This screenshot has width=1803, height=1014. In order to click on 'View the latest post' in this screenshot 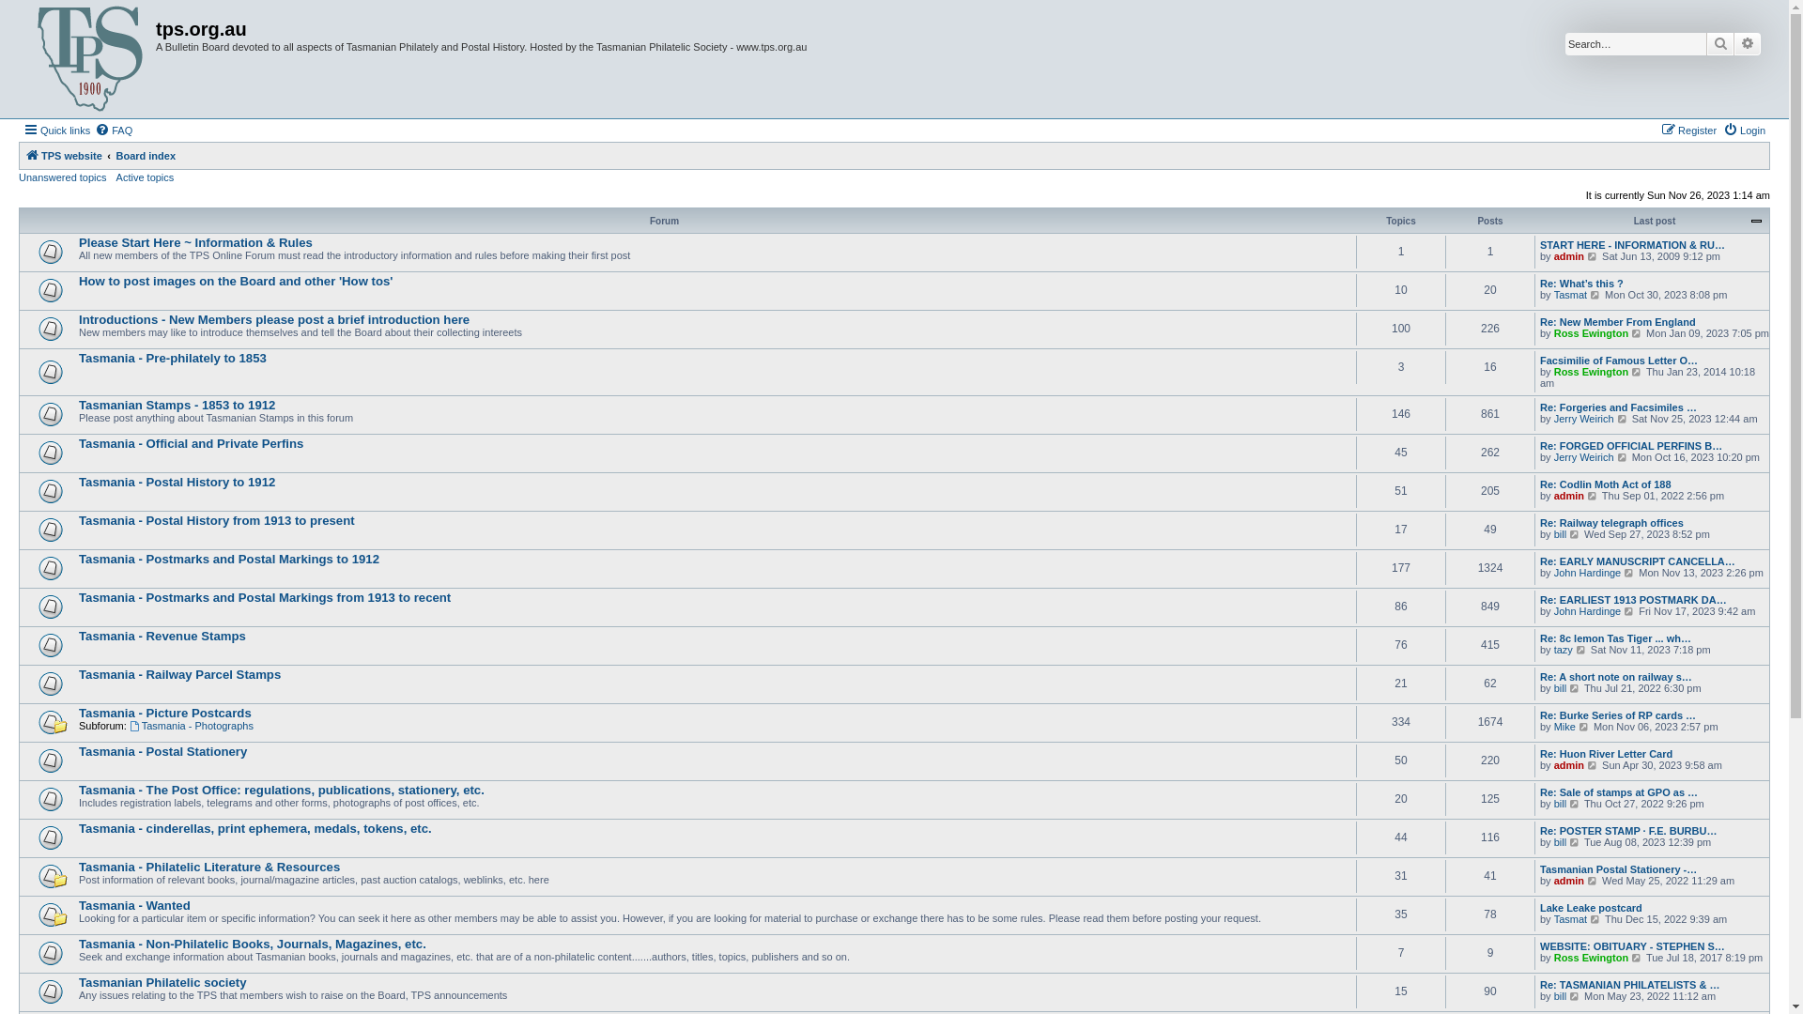, I will do `click(1575, 841)`.